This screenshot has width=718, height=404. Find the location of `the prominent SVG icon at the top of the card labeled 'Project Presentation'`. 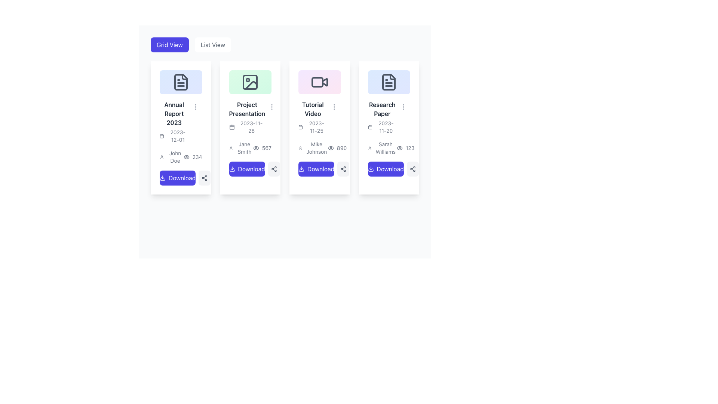

the prominent SVG icon at the top of the card labeled 'Project Presentation' is located at coordinates (250, 82).